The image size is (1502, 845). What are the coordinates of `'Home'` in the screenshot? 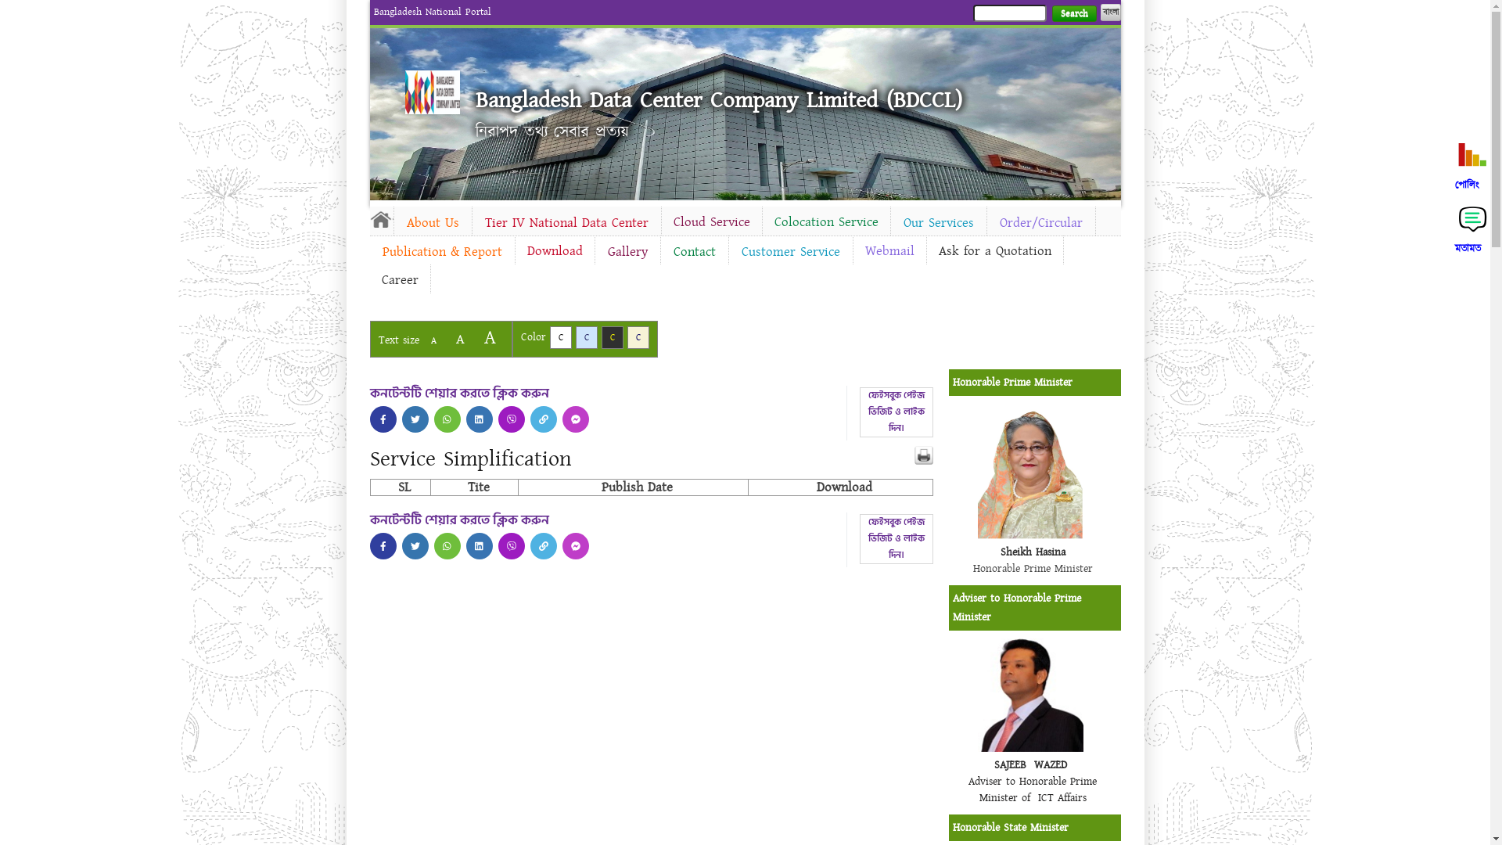 It's located at (380, 219).